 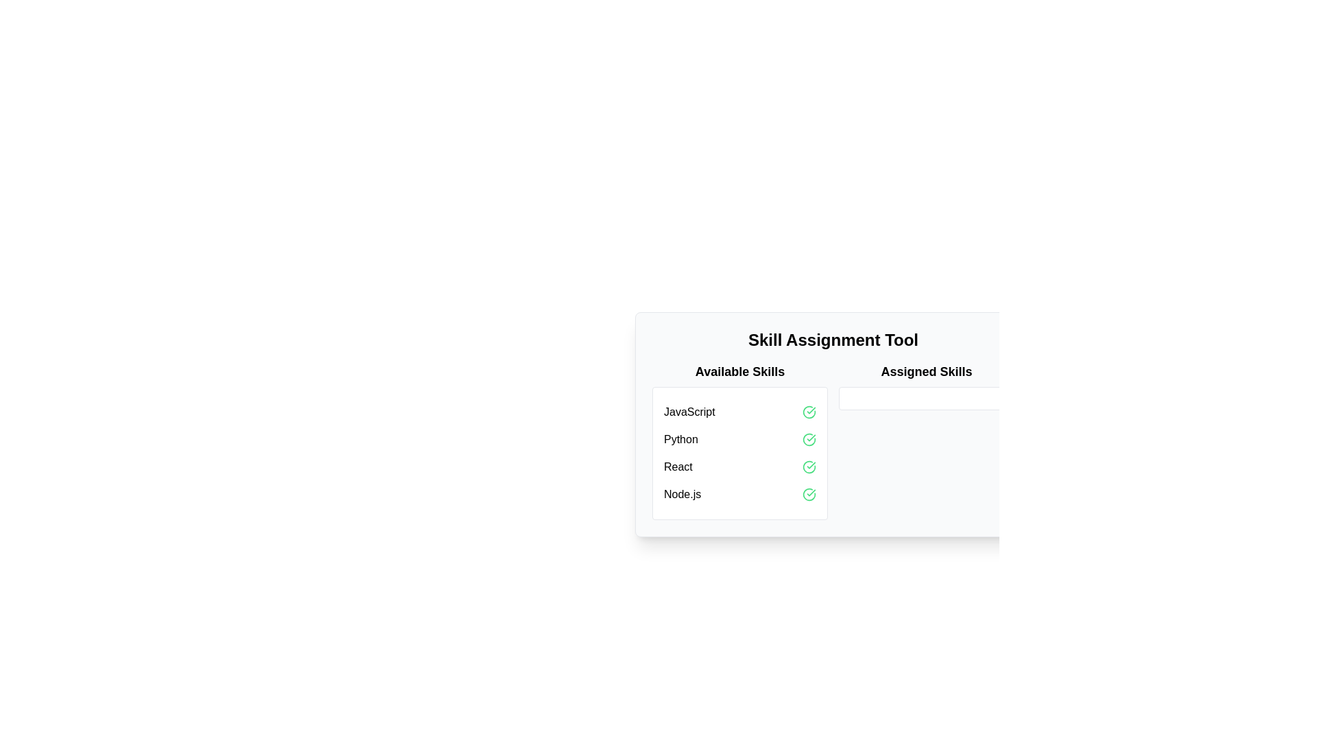 What do you see at coordinates (680, 439) in the screenshot?
I see `the 'Python' skill label in the 'Available Skills' panel, which is the second item in the list, positioned below 'JavaScript' and above 'React'` at bounding box center [680, 439].